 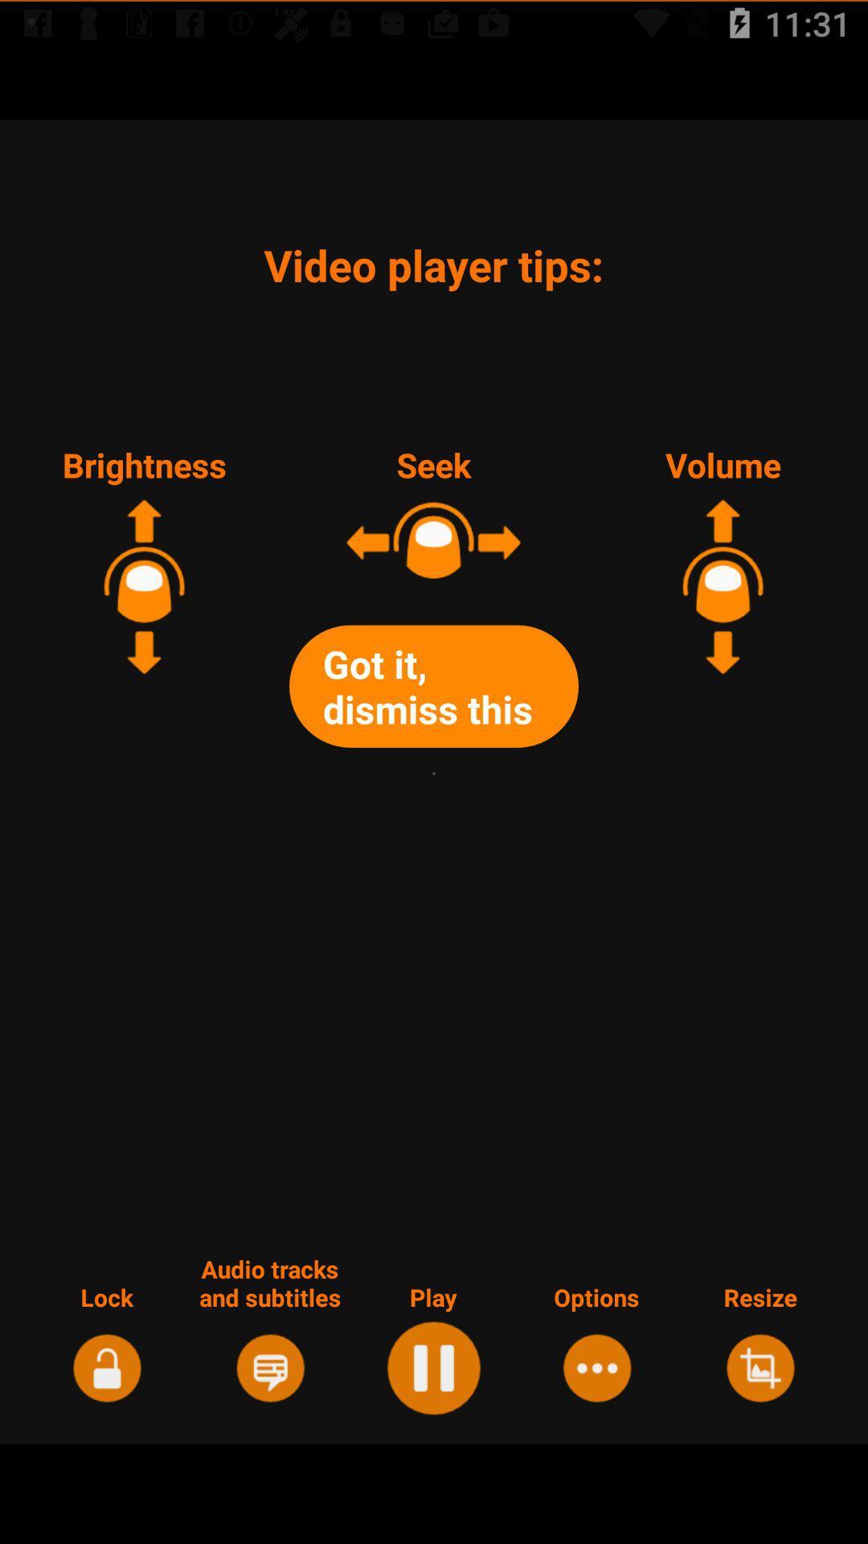 I want to click on the icon right below play, so click(x=432, y=1365).